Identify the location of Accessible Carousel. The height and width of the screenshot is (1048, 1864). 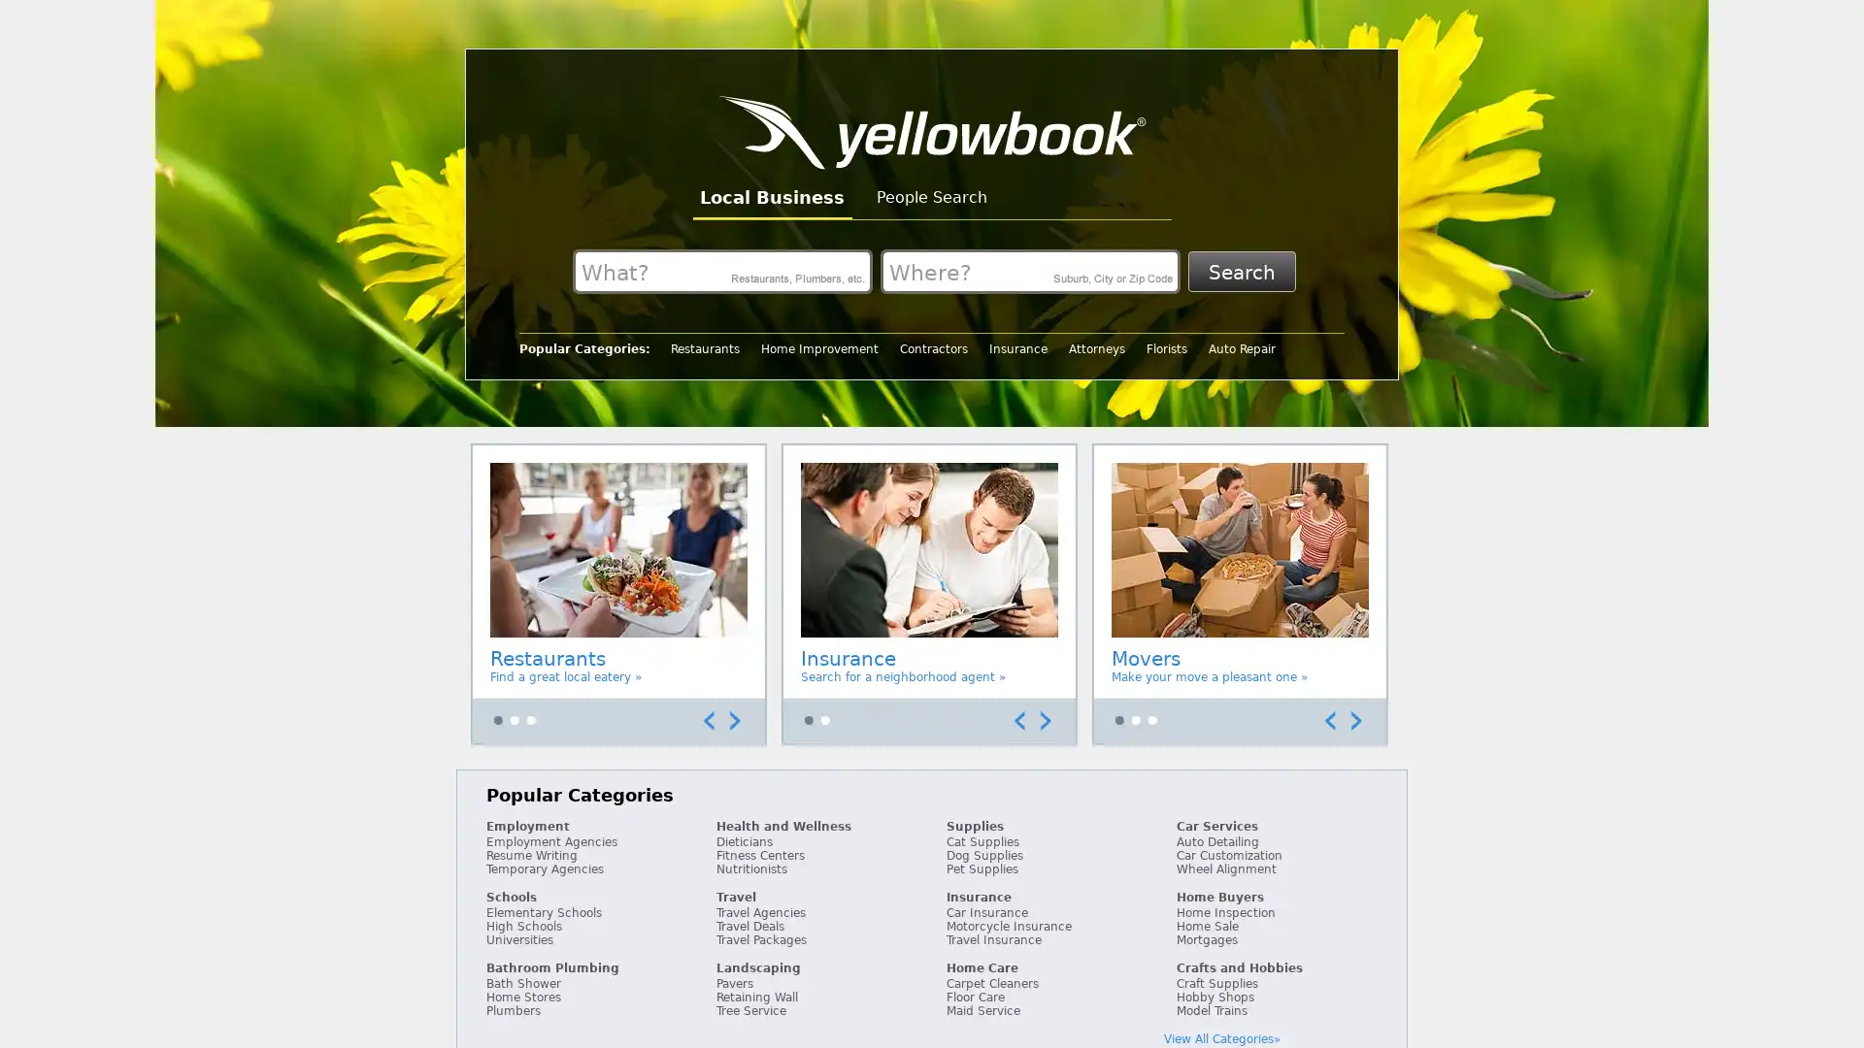
(1094, 445).